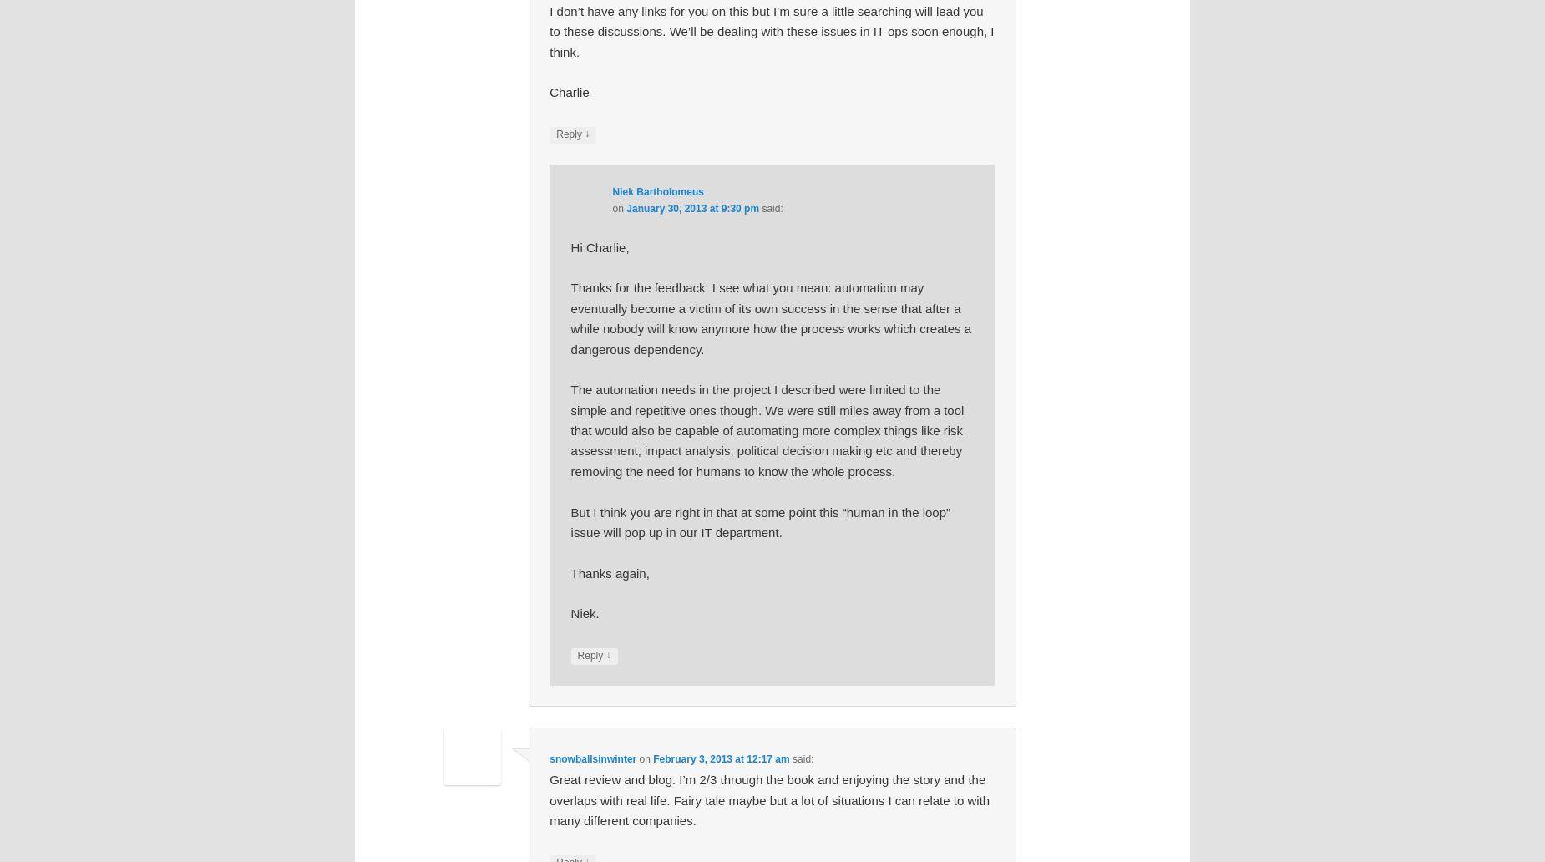  I want to click on 'Charlie', so click(569, 92).